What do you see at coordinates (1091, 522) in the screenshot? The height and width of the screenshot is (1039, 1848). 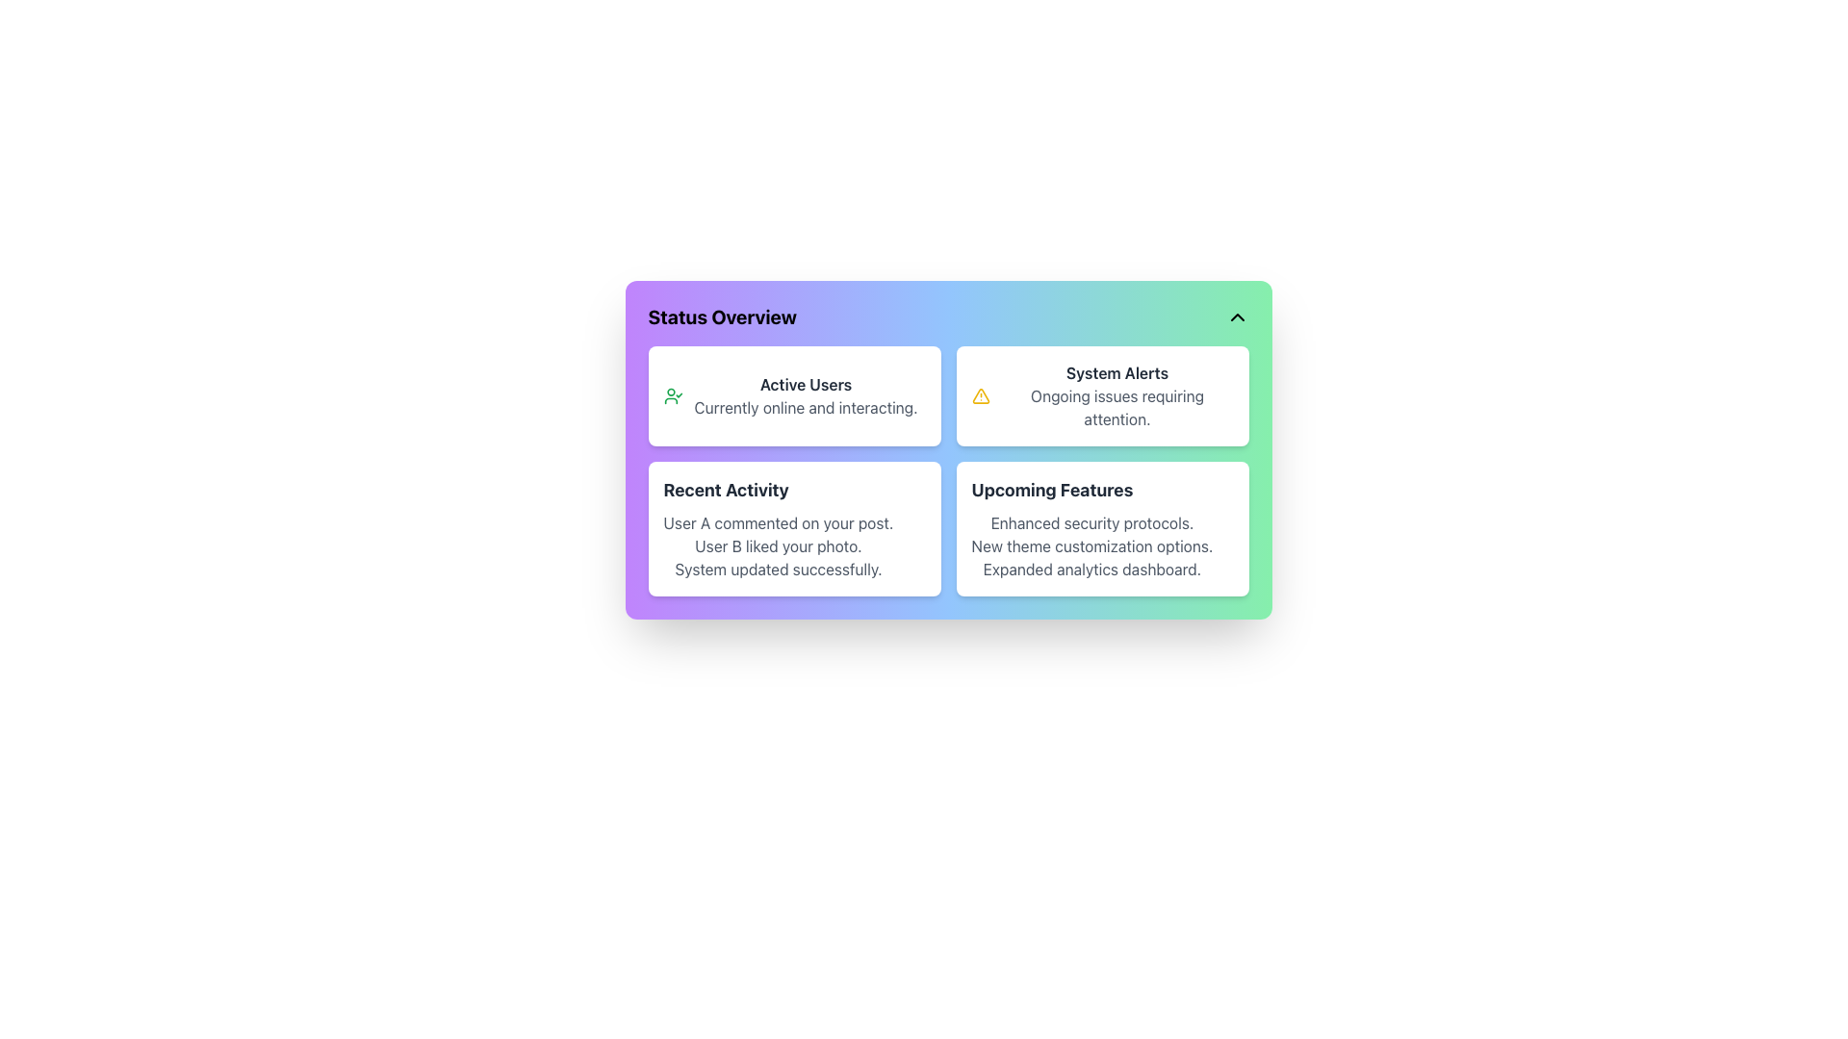 I see `the topmost text label in the vertically aligned list under the 'Upcoming Features' card, which conveys a feature update about enhanced security protocols` at bounding box center [1091, 522].